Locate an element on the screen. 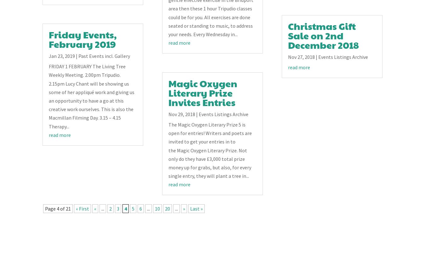  '3' is located at coordinates (116, 209).